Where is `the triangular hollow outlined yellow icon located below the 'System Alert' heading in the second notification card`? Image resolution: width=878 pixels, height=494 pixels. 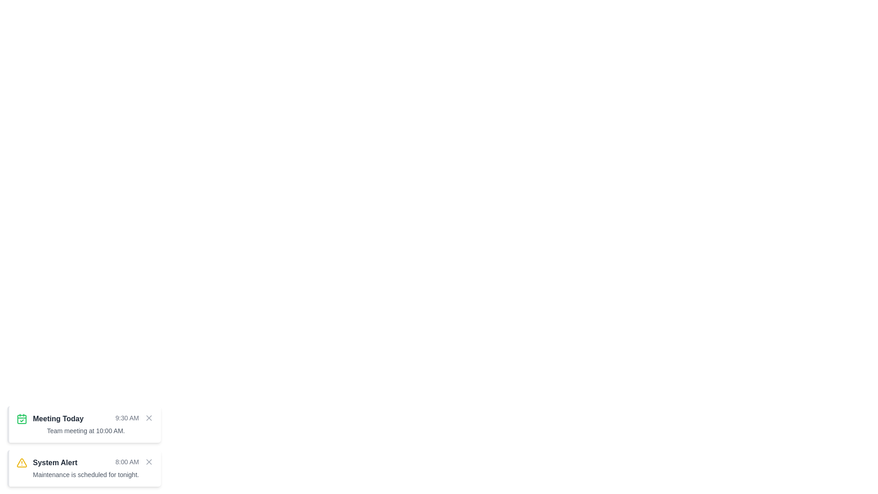
the triangular hollow outlined yellow icon located below the 'System Alert' heading in the second notification card is located at coordinates (22, 462).